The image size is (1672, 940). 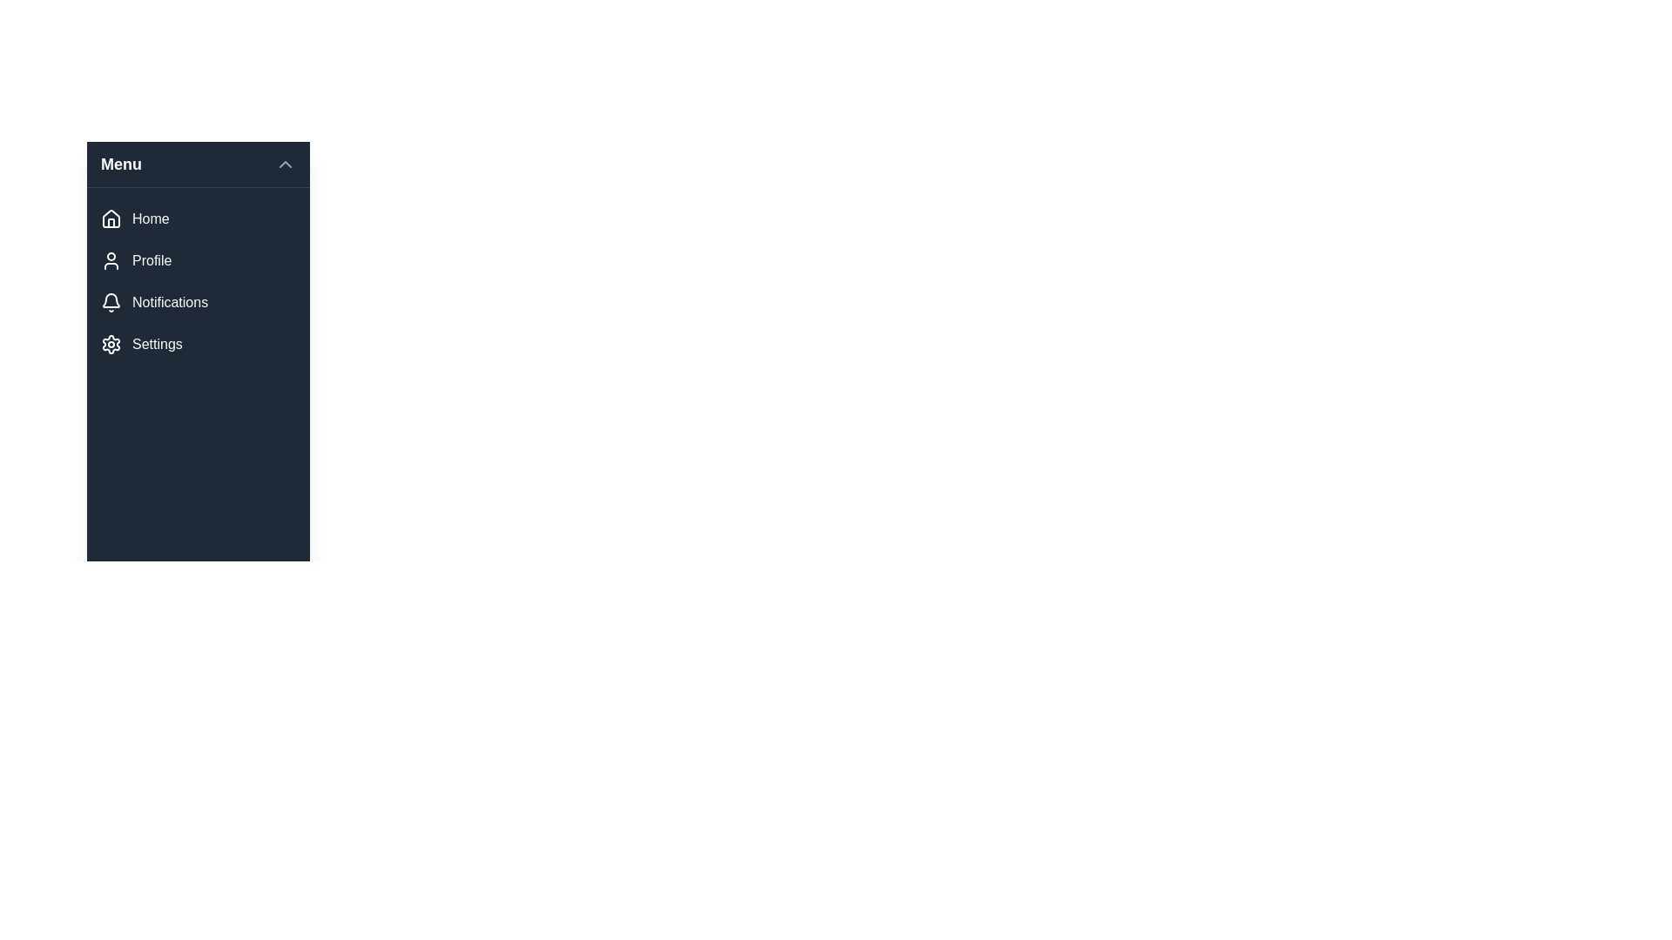 I want to click on the first navigation item in the menu that serves as a link to the Home page, so click(x=151, y=218).